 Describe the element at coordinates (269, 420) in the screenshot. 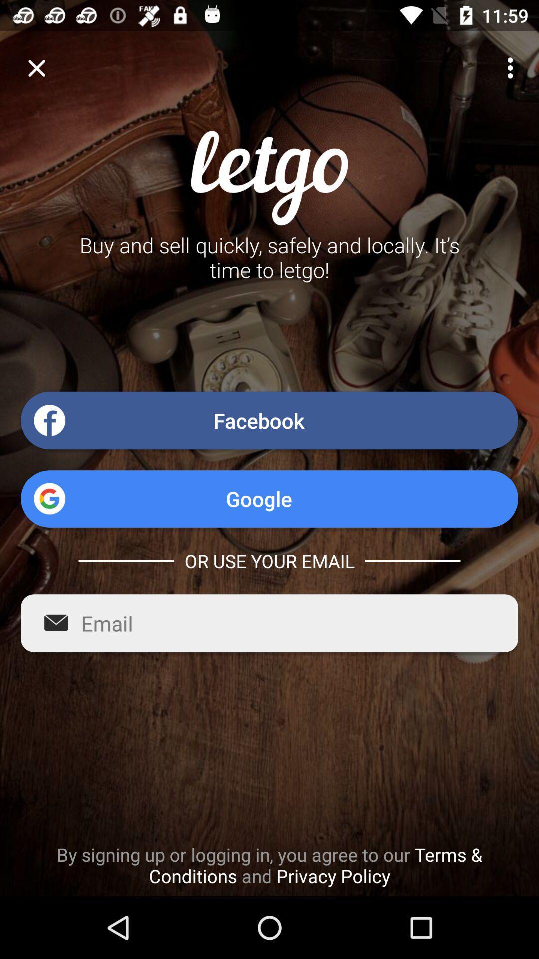

I see `item below buy and sell` at that location.